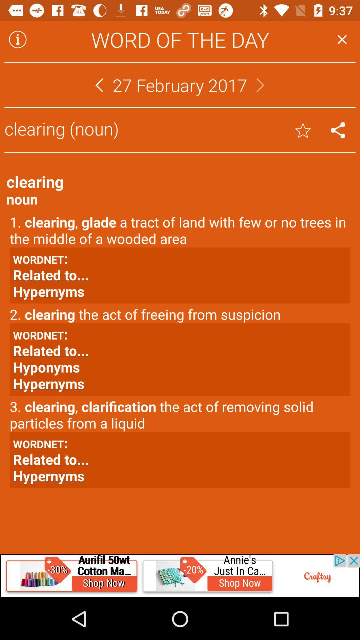 The image size is (360, 640). What do you see at coordinates (338, 130) in the screenshot?
I see `share` at bounding box center [338, 130].